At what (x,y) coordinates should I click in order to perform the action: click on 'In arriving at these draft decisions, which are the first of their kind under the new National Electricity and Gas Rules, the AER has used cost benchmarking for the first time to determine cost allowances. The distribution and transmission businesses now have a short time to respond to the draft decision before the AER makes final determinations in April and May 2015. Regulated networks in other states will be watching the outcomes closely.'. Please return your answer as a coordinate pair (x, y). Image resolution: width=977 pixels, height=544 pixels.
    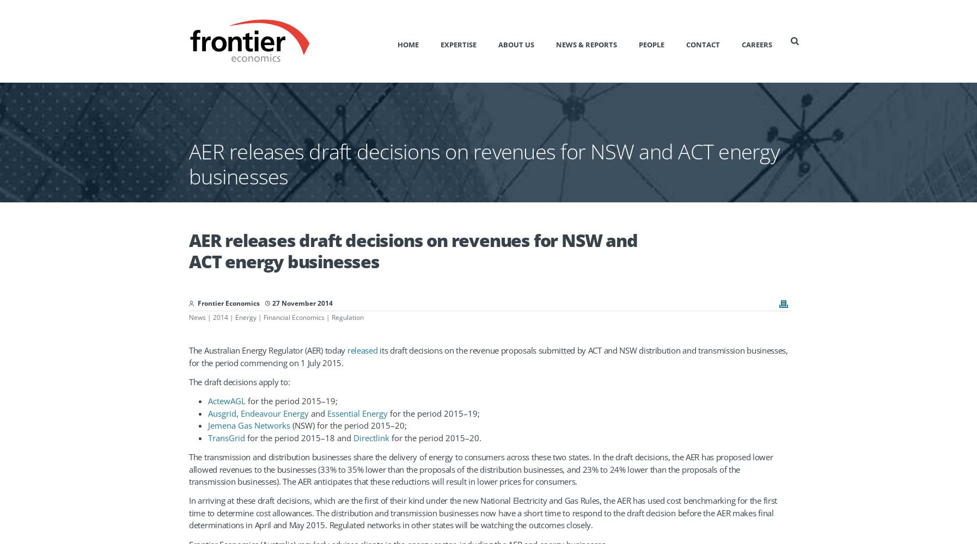
    Looking at the image, I should click on (483, 512).